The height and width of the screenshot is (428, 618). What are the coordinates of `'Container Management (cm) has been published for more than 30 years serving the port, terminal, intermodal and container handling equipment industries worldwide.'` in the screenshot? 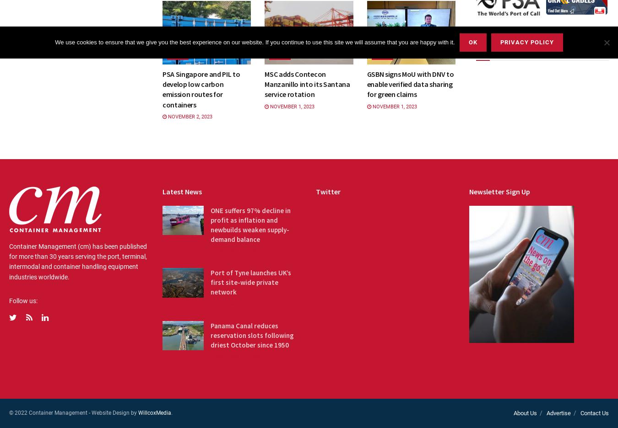 It's located at (78, 261).